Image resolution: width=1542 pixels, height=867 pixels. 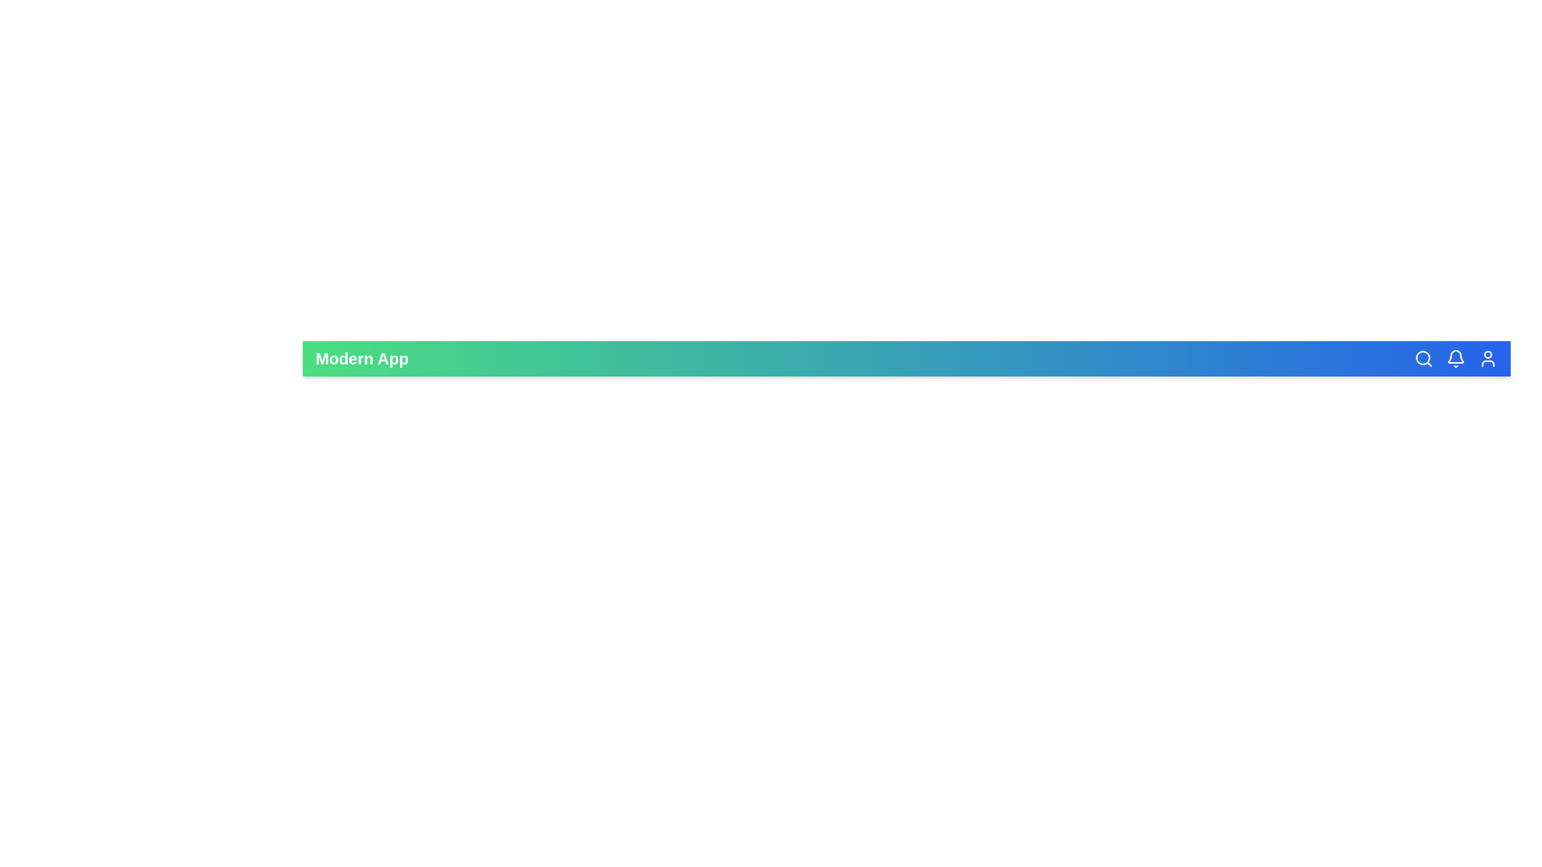 I want to click on the search icon in the app bar, so click(x=1423, y=358).